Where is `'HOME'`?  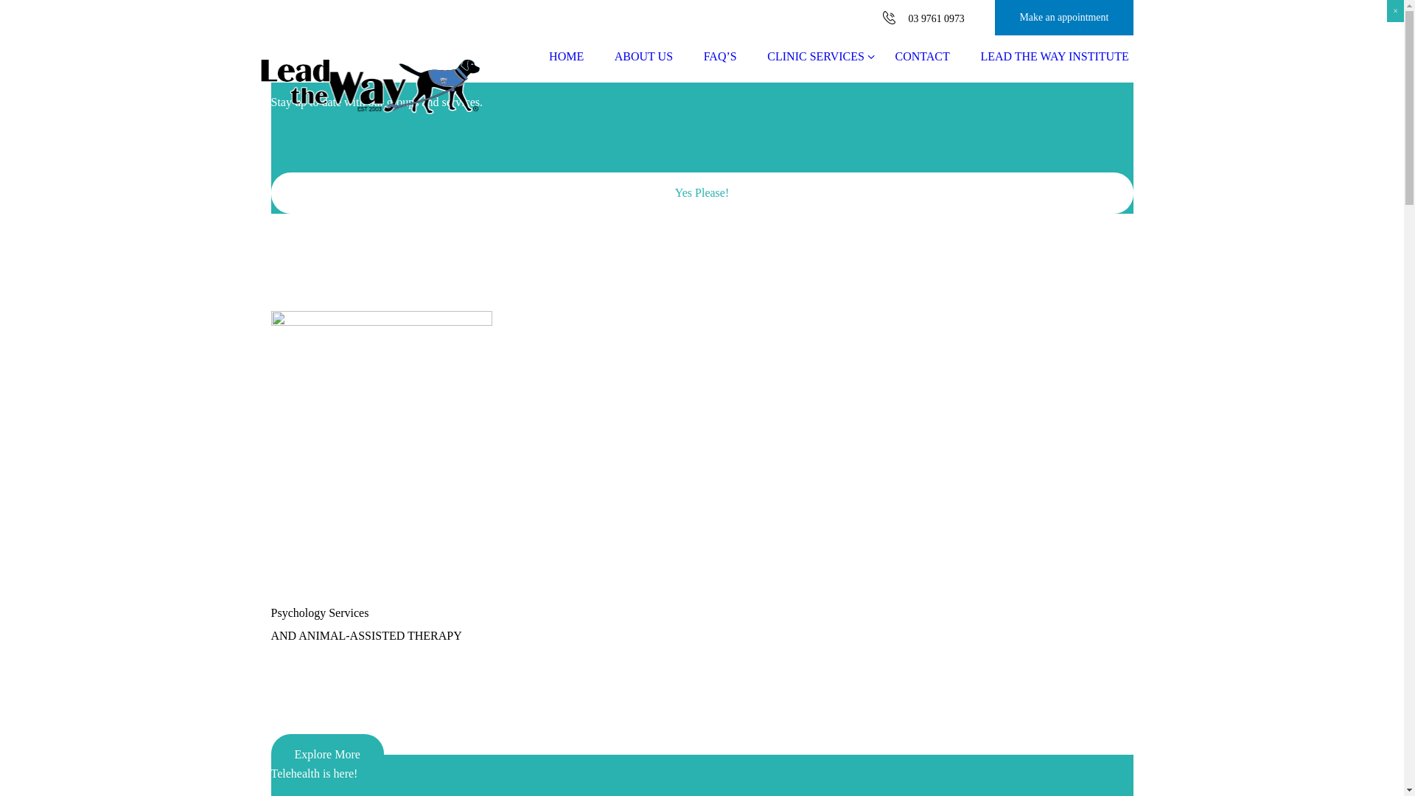
'HOME' is located at coordinates (565, 56).